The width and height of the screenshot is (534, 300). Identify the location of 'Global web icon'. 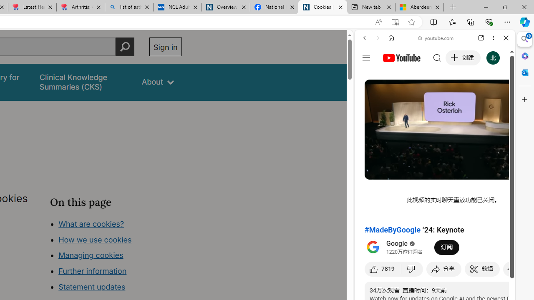
(370, 120).